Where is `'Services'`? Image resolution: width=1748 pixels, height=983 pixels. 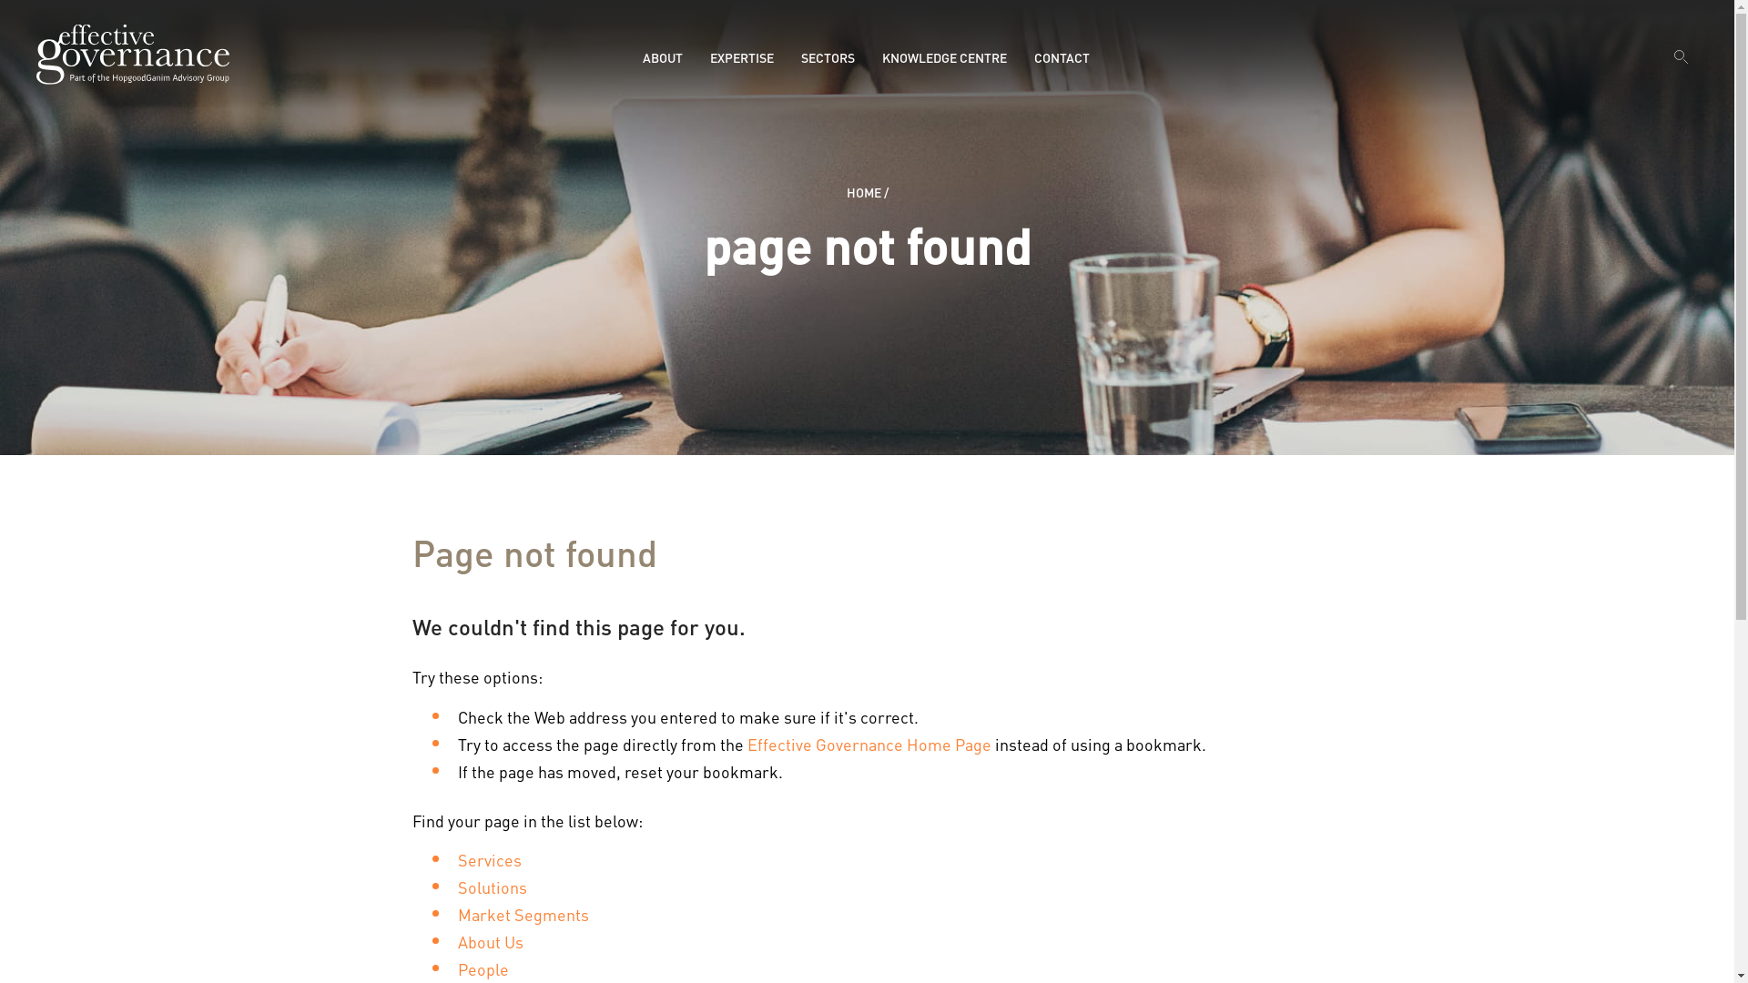 'Services' is located at coordinates (489, 859).